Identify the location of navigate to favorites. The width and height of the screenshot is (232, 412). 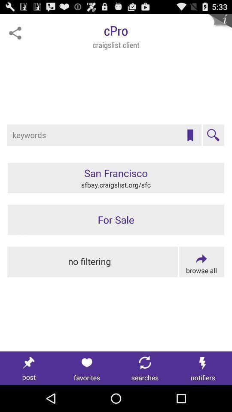
(87, 368).